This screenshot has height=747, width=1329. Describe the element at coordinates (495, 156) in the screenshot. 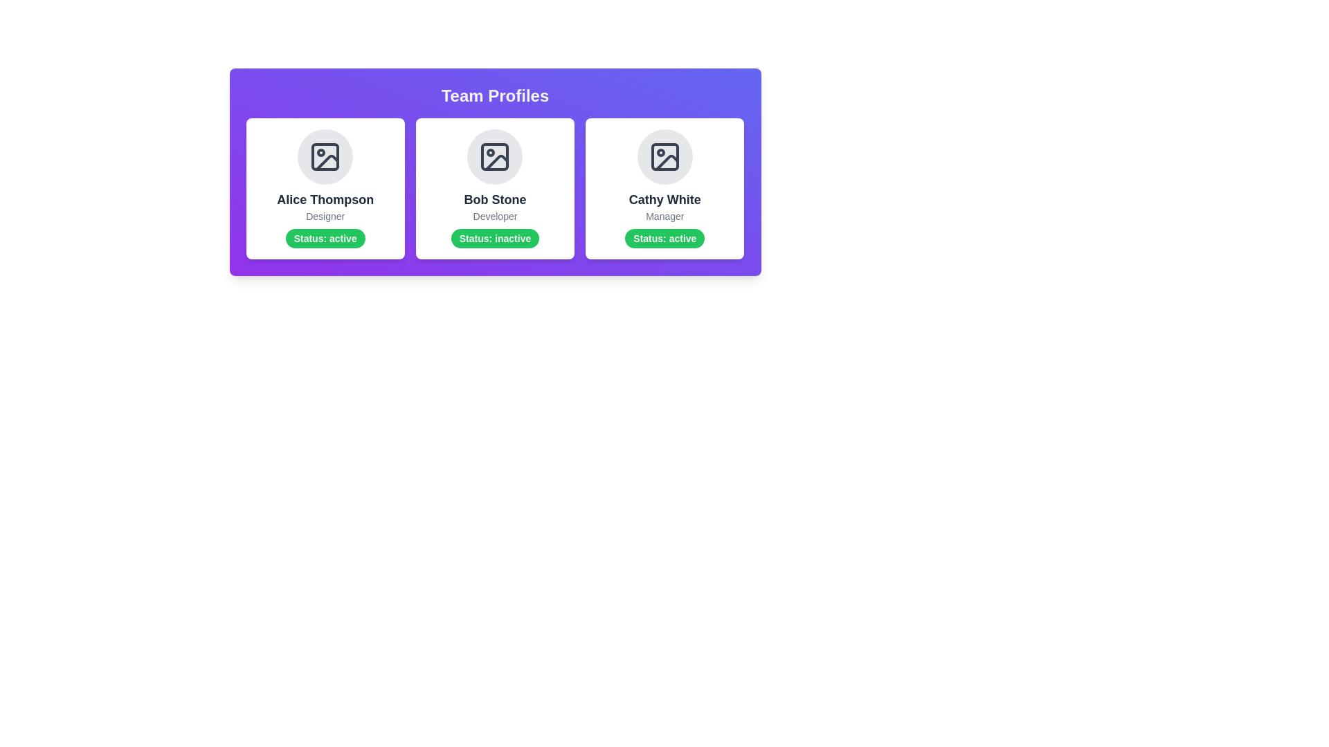

I see `the gray-shaded rectangular icon with rounded edges located in the upper-left corner of the avatar area of the profile card for 'Bob Stone'` at that location.